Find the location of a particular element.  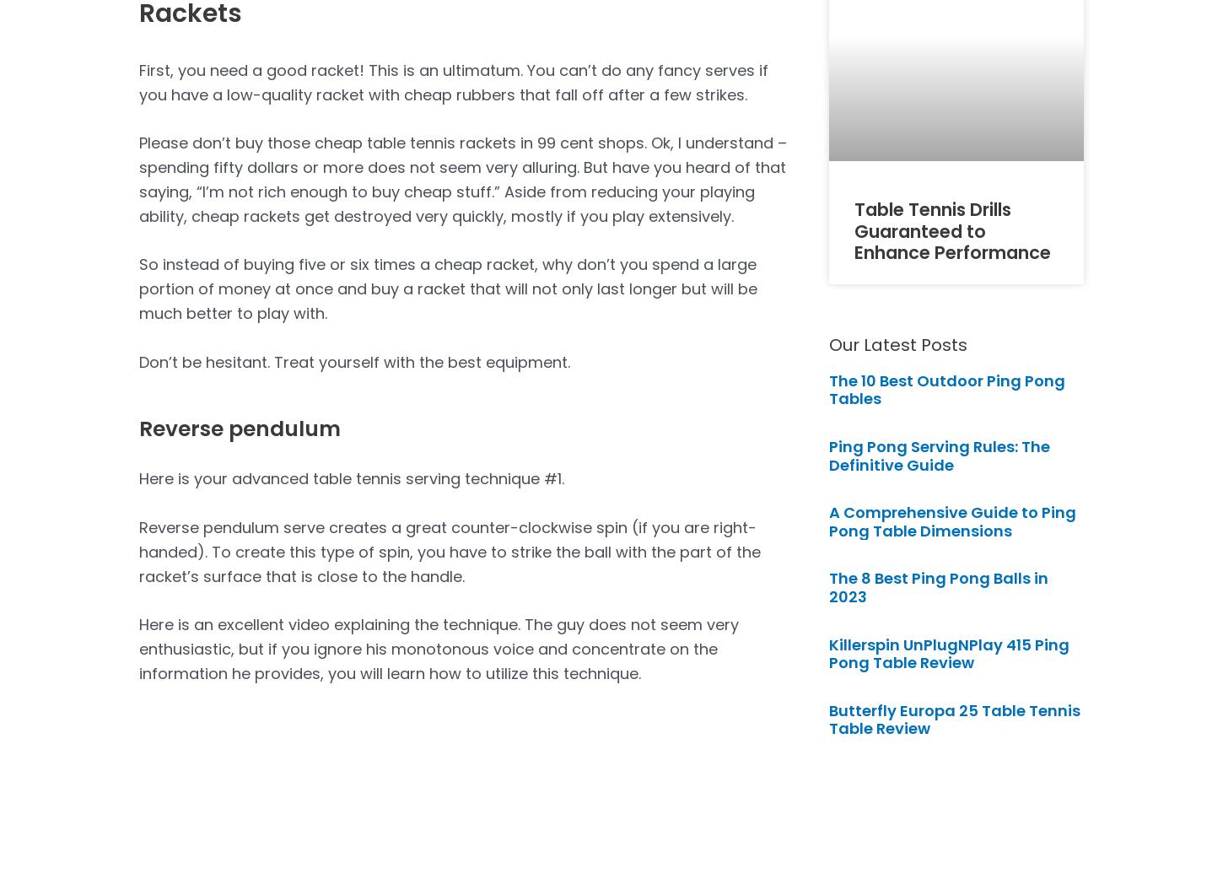

'Reverse pendulum' is located at coordinates (240, 429).